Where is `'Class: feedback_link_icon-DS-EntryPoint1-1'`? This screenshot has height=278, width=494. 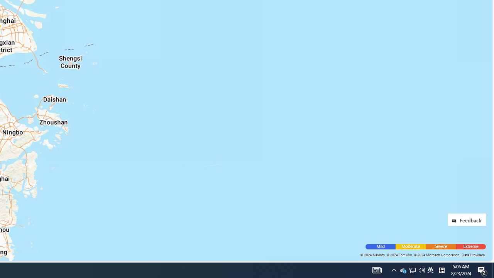
'Class: feedback_link_icon-DS-EntryPoint1-1' is located at coordinates (455, 221).